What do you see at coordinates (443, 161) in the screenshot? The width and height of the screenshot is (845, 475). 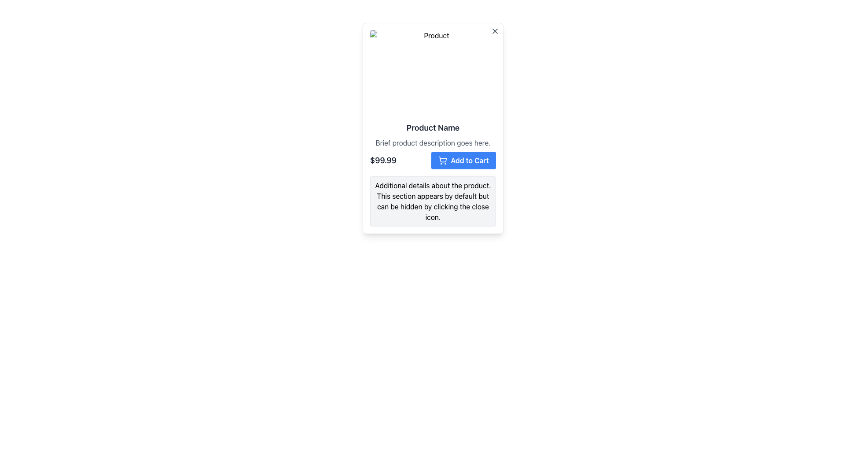 I see `the shopping cart icon located within the blue 'Add to Cart' button` at bounding box center [443, 161].